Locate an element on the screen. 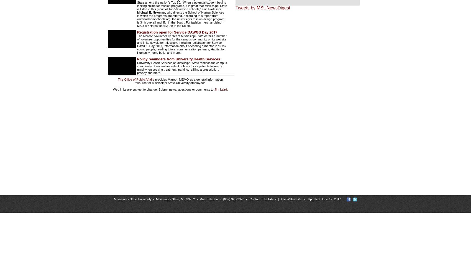 The image size is (471, 277). 'Registration open for Service DAWGS Day 2017' is located at coordinates (177, 32).